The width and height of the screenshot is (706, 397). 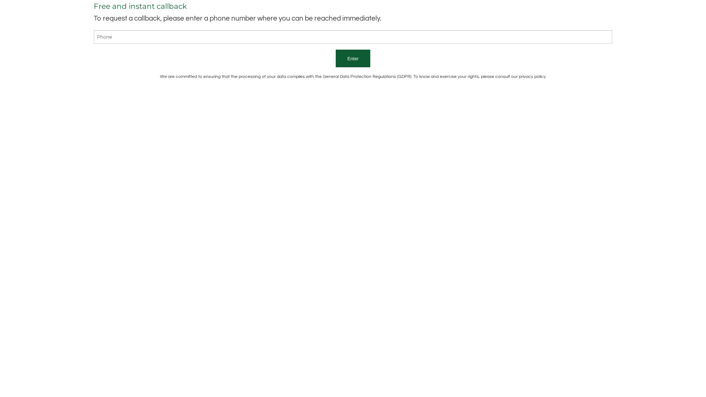 I want to click on 'Enter', so click(x=353, y=58).